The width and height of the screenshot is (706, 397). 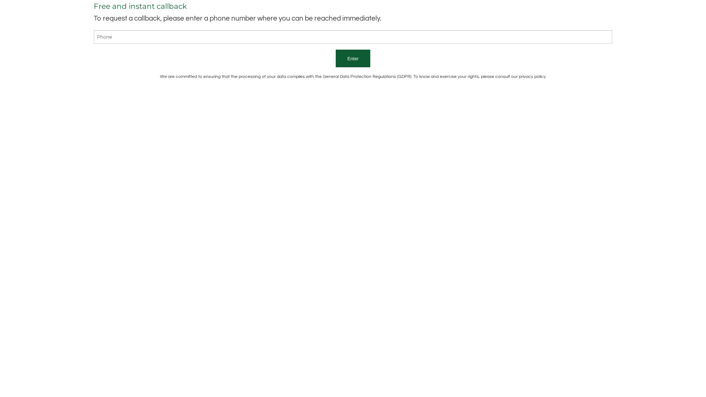 I want to click on 'Enter', so click(x=353, y=58).